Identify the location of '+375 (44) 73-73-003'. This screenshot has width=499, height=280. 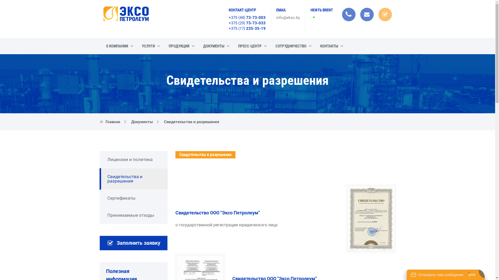
(247, 17).